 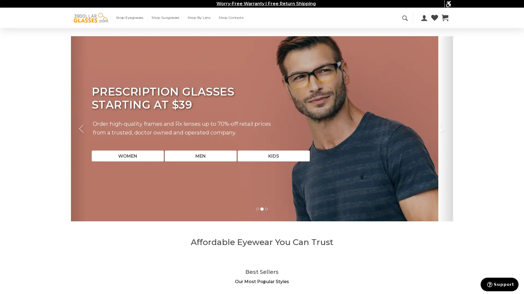 I want to click on Support button, so click(x=499, y=284).